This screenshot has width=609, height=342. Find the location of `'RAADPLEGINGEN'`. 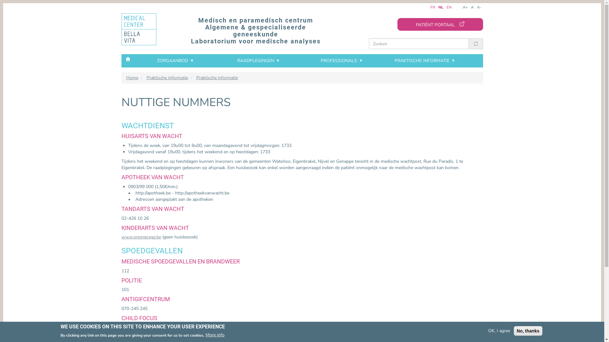

'RAADPLEGINGEN' is located at coordinates (217, 61).